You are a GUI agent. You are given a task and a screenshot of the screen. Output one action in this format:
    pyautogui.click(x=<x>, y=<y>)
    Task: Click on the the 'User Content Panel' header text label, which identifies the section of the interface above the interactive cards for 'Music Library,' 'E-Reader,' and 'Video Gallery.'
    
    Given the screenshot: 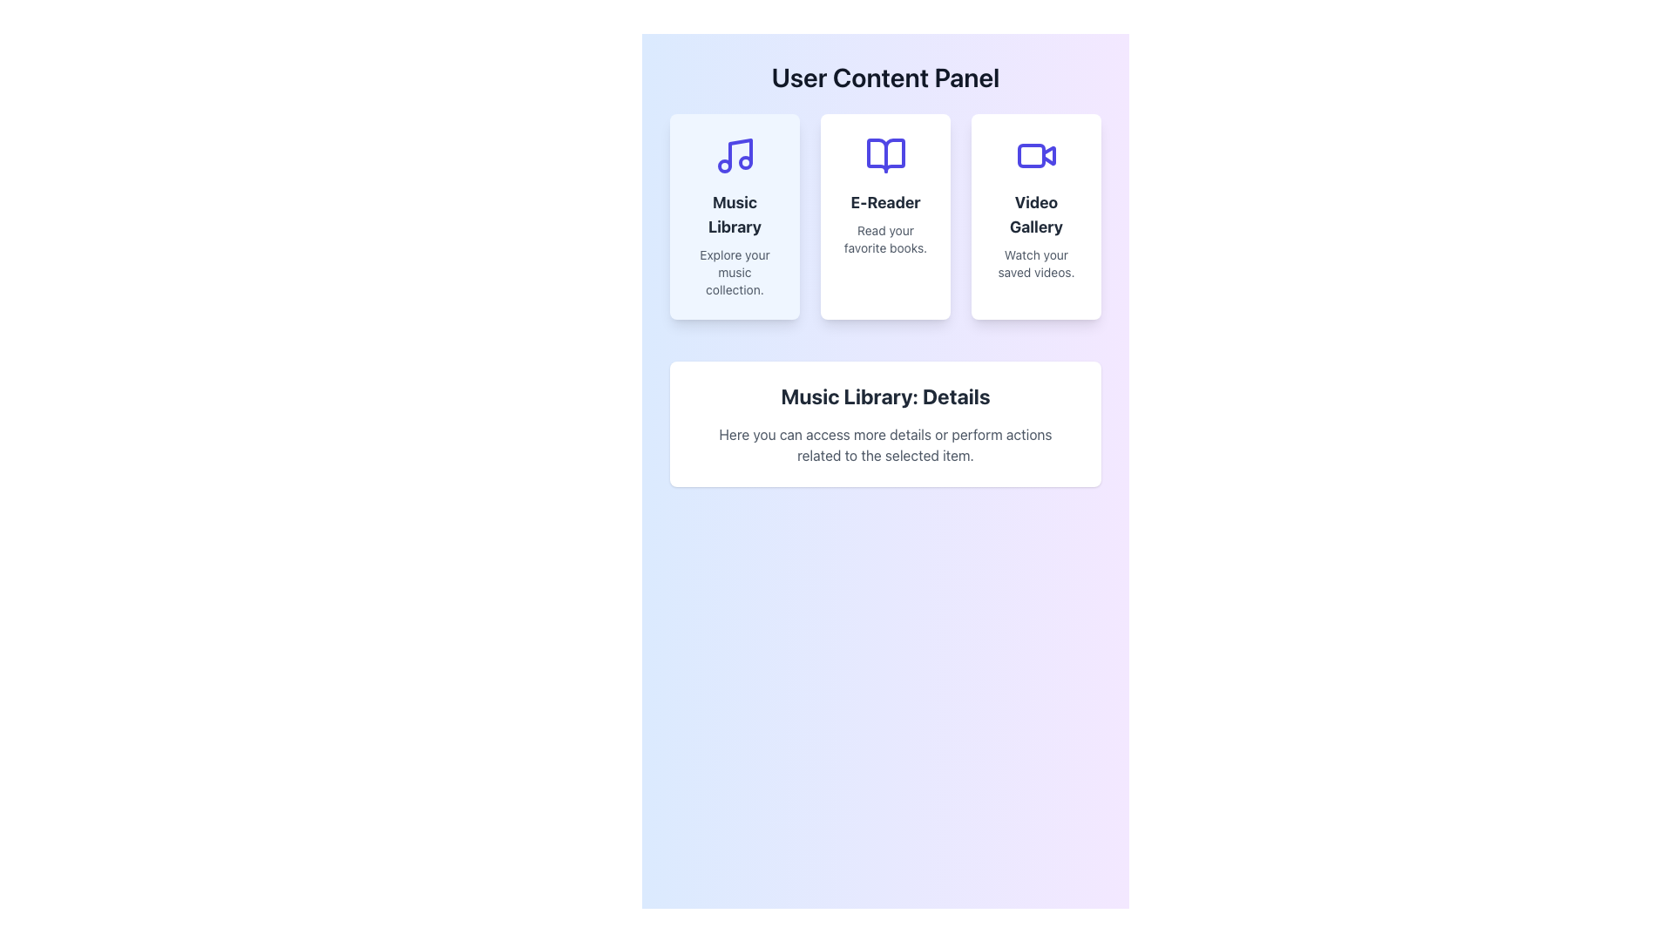 What is the action you would take?
    pyautogui.click(x=885, y=76)
    